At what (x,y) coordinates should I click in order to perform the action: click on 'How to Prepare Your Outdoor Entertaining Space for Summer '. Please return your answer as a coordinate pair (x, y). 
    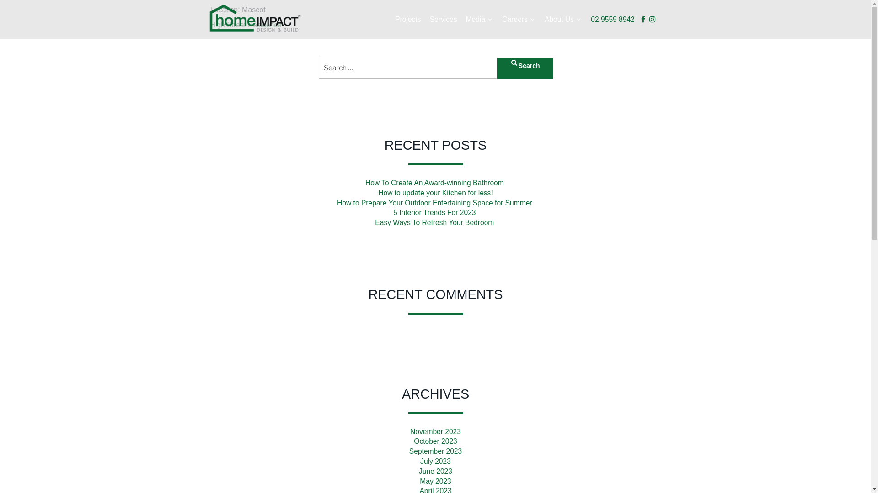
    Looking at the image, I should click on (435, 202).